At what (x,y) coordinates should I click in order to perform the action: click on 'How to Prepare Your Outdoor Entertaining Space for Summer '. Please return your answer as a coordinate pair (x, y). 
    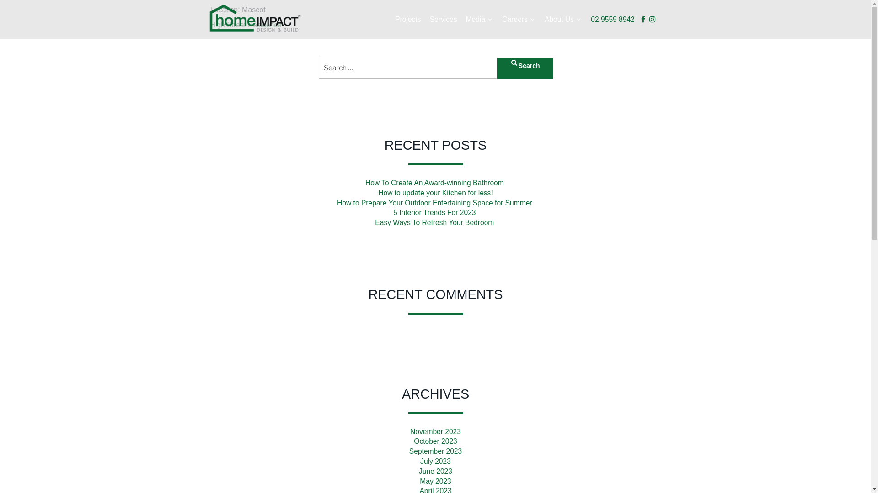
    Looking at the image, I should click on (435, 202).